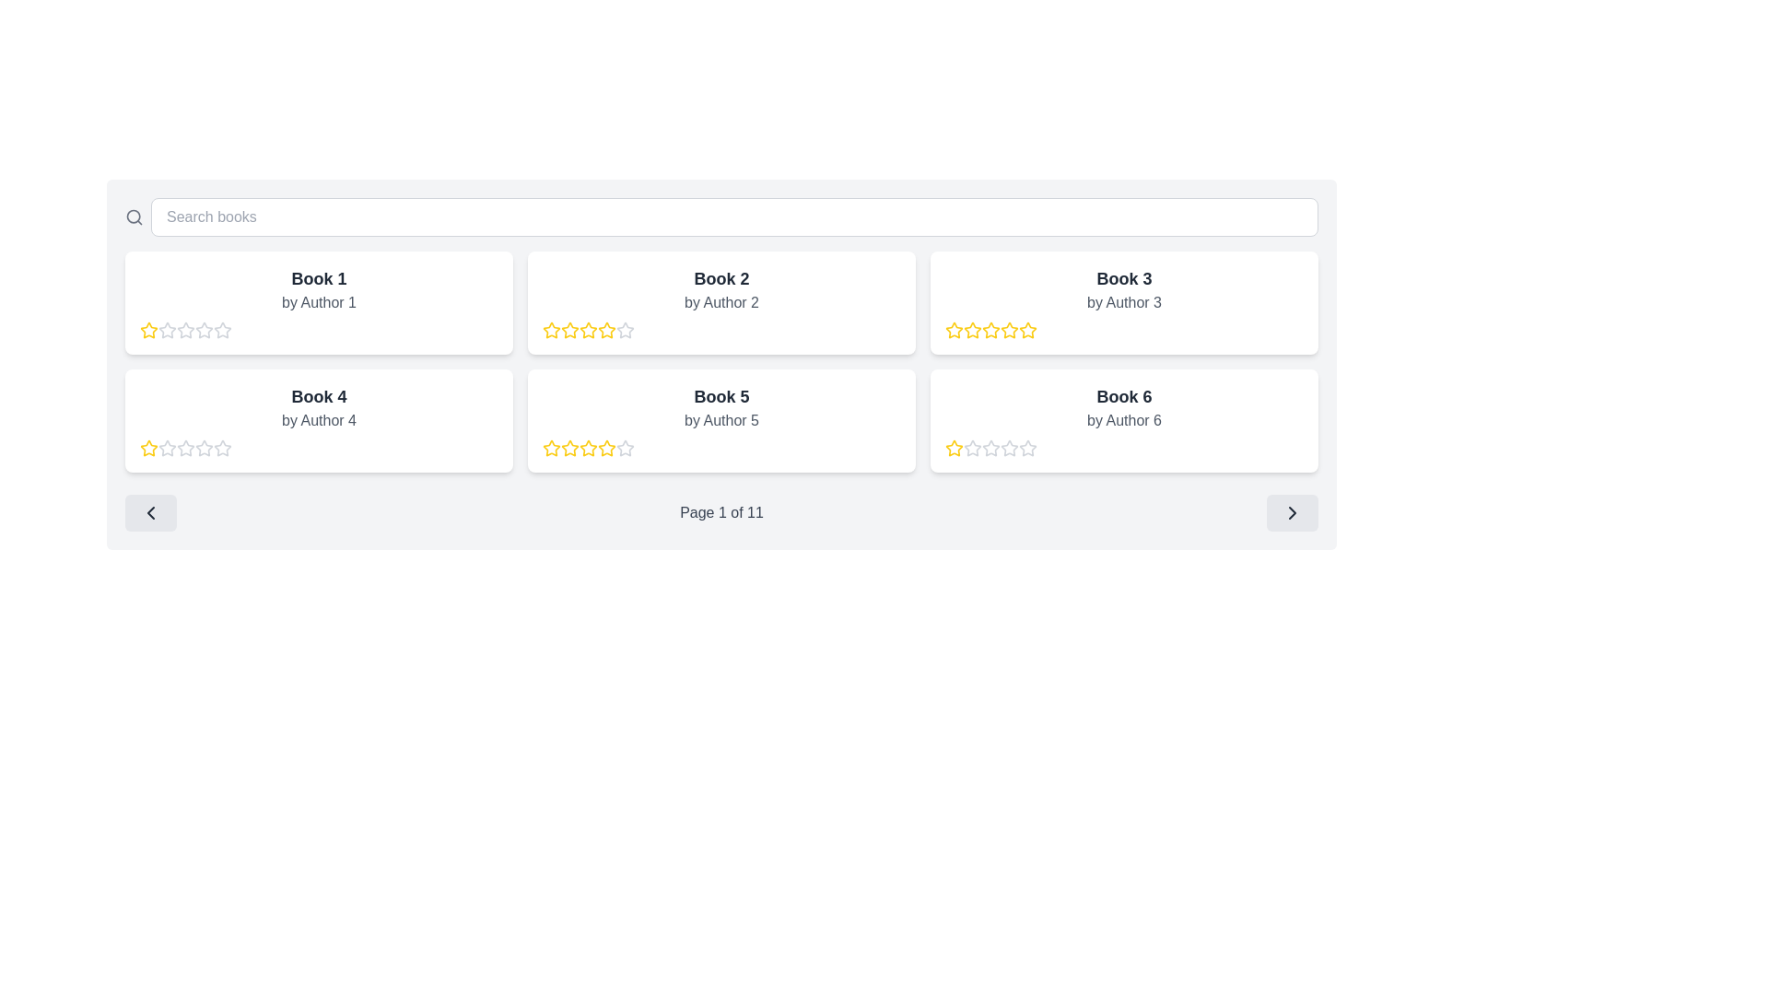  I want to click on the text label displaying the author's name associated with 'Book 5', which is located in the second row and third column of the grid, directly beneath the title and above the star rating icons, so click(720, 420).